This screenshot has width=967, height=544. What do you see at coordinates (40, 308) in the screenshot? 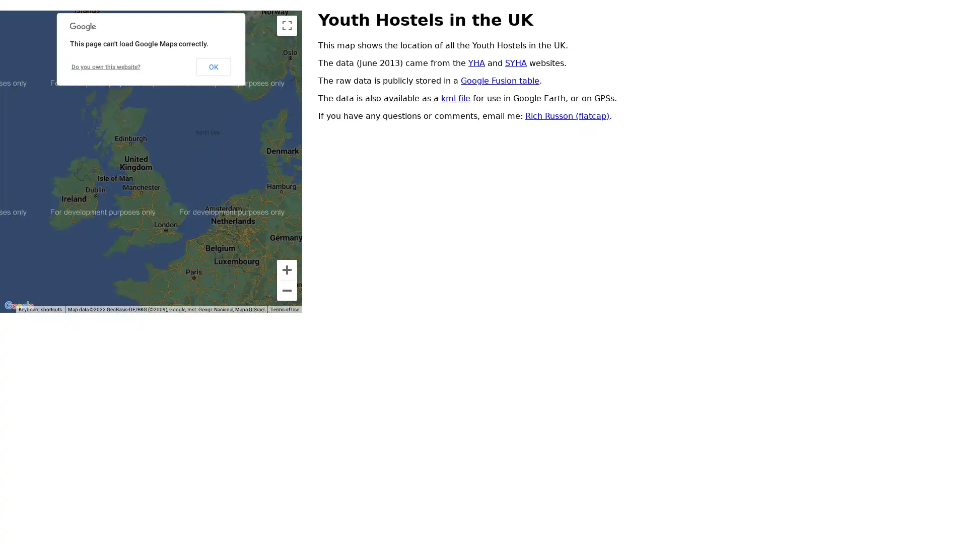
I see `Keyboard shortcuts` at bounding box center [40, 308].